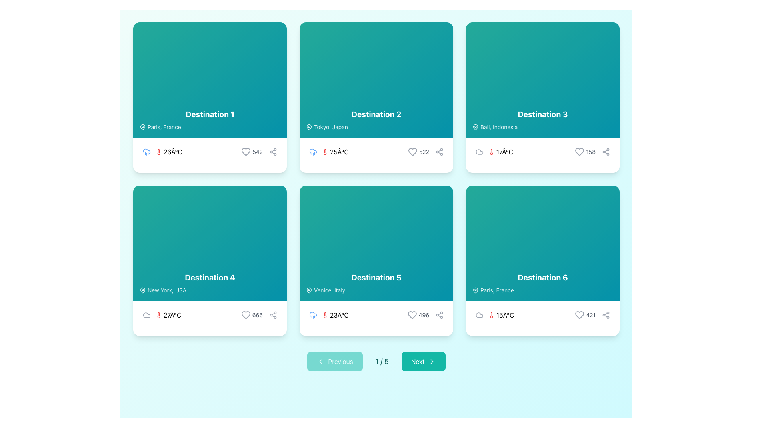  What do you see at coordinates (142, 290) in the screenshot?
I see `the pin icon located in the fourth card of the second row, which is styled in a minimalistic design and positioned to the left of the text 'New York, USA'` at bounding box center [142, 290].